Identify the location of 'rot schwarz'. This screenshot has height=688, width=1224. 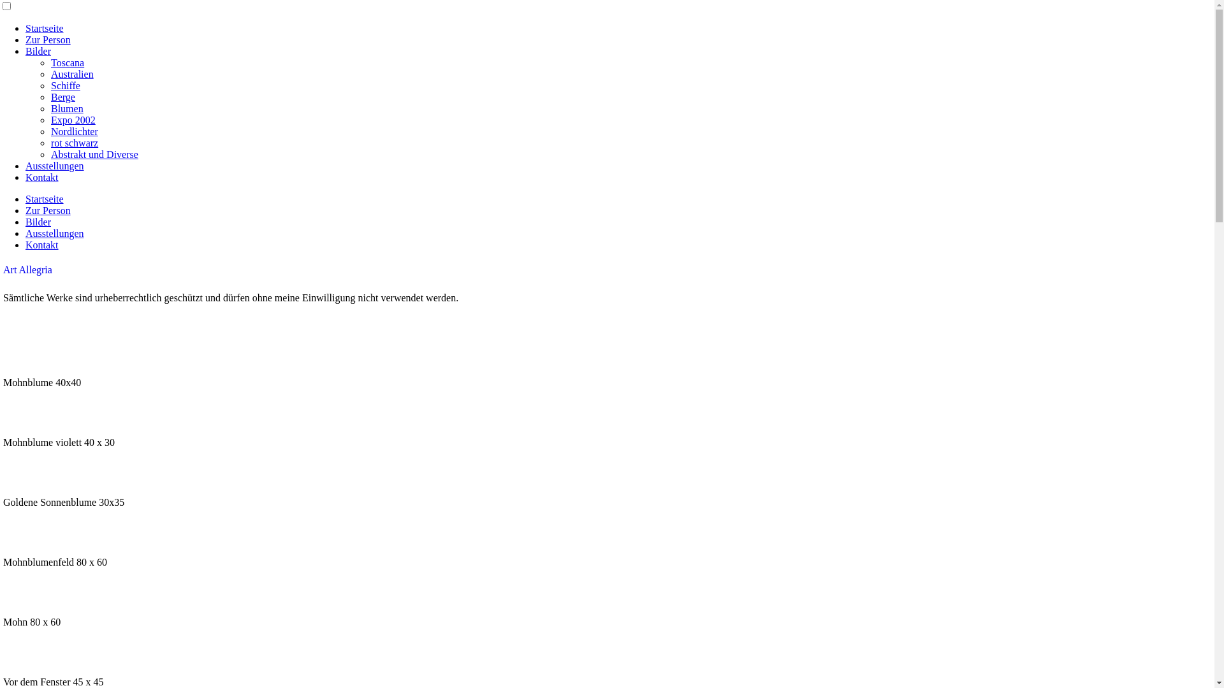
(73, 143).